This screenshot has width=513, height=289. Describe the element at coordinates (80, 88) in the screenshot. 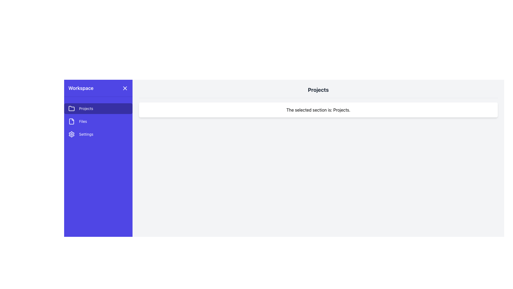

I see `text from the static title label located at the top center of the sidebar's header area, above the close button icon` at that location.